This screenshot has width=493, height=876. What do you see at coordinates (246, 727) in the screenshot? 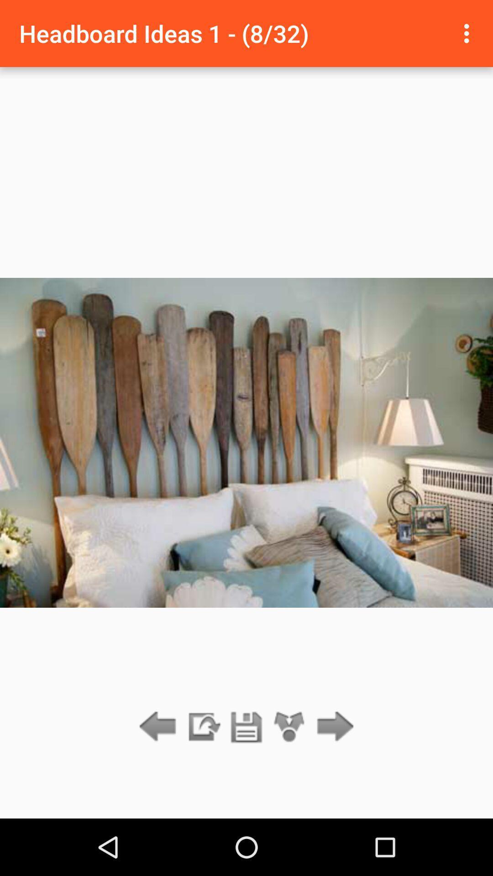
I see `the save icon` at bounding box center [246, 727].